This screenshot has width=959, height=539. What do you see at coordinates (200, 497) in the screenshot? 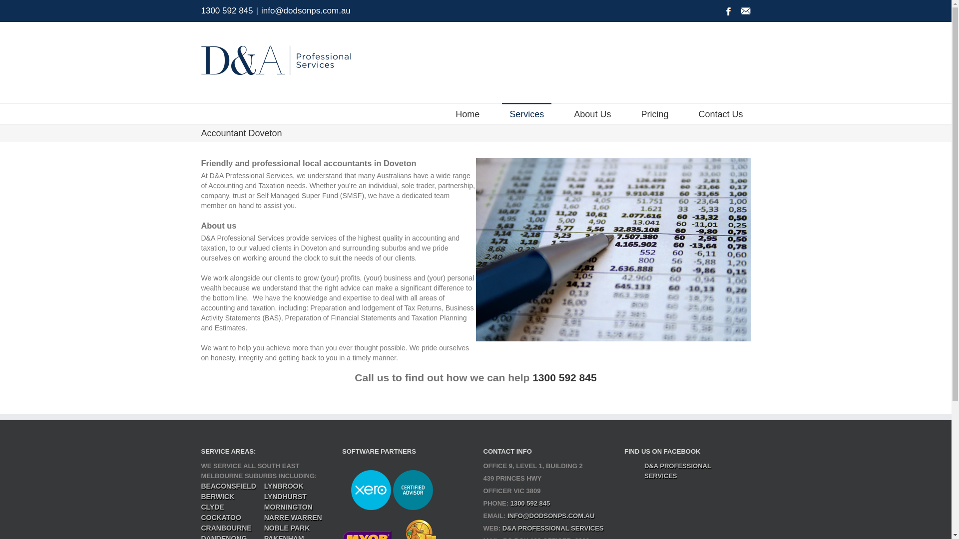
I see `'BERWICK'` at bounding box center [200, 497].